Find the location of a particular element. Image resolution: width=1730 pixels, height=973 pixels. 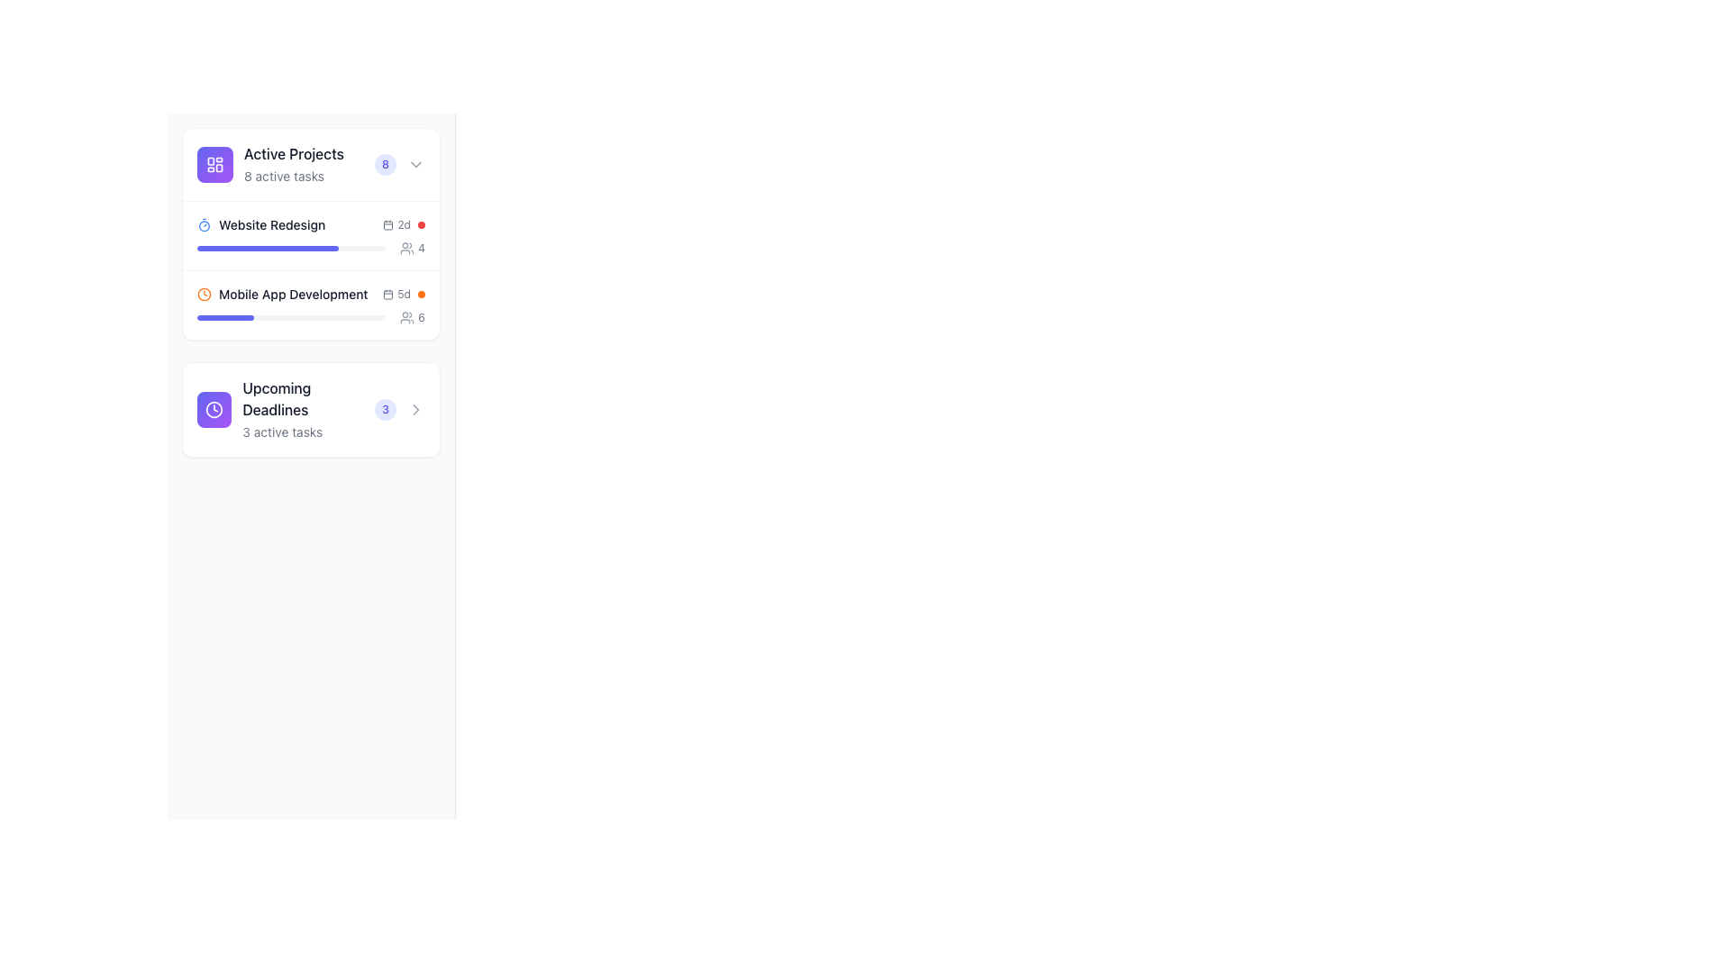

the calendar icon located to the left of the text '2d', which features a square outline with rounded edges and a horizontal line at the top is located at coordinates (387, 224).